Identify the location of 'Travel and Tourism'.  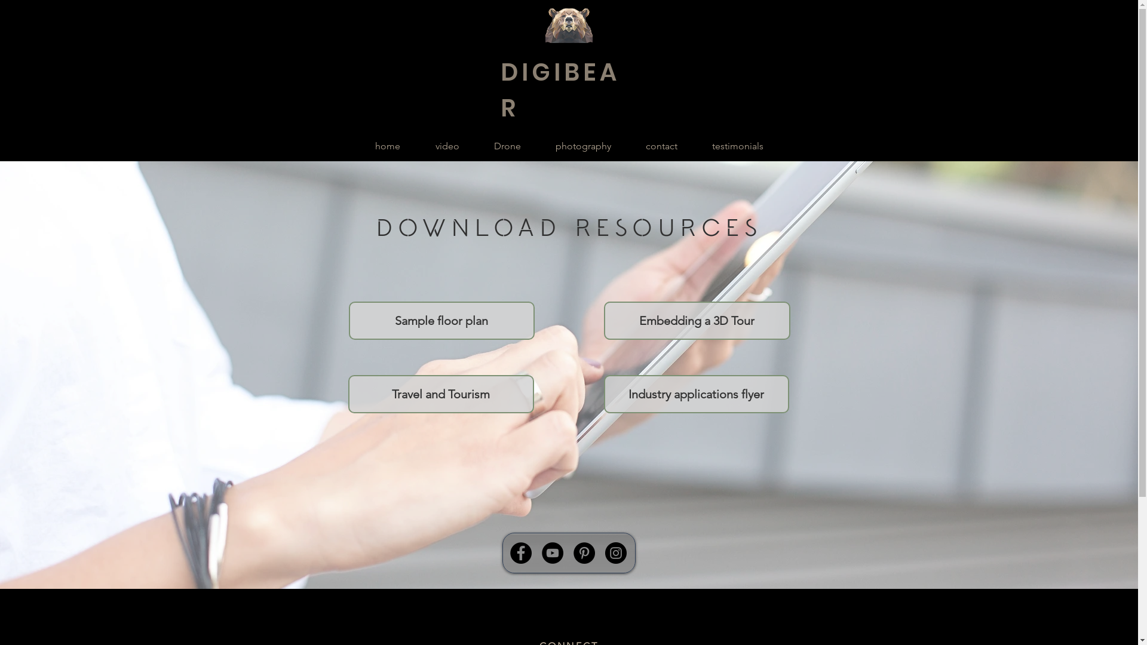
(440, 394).